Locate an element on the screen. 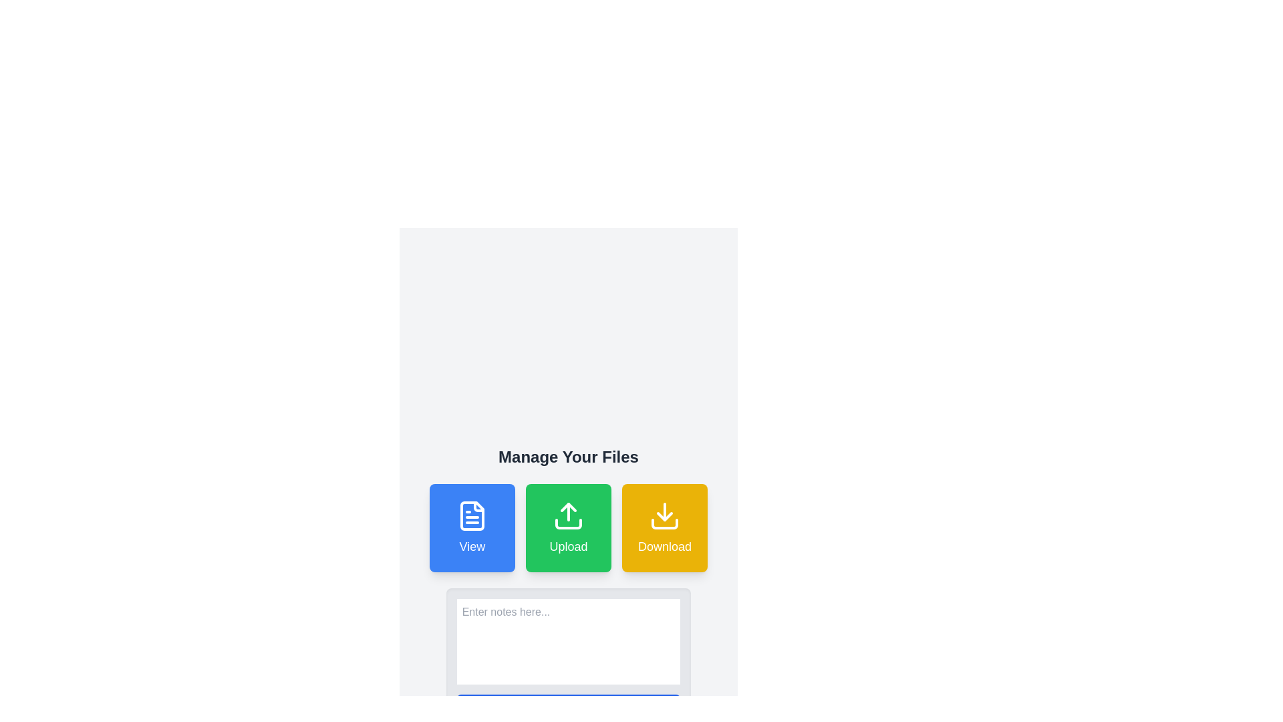 This screenshot has height=722, width=1283. the middle button in the horizontal group of three buttons located beneath the text 'Manage Your Files' is located at coordinates (568, 527).